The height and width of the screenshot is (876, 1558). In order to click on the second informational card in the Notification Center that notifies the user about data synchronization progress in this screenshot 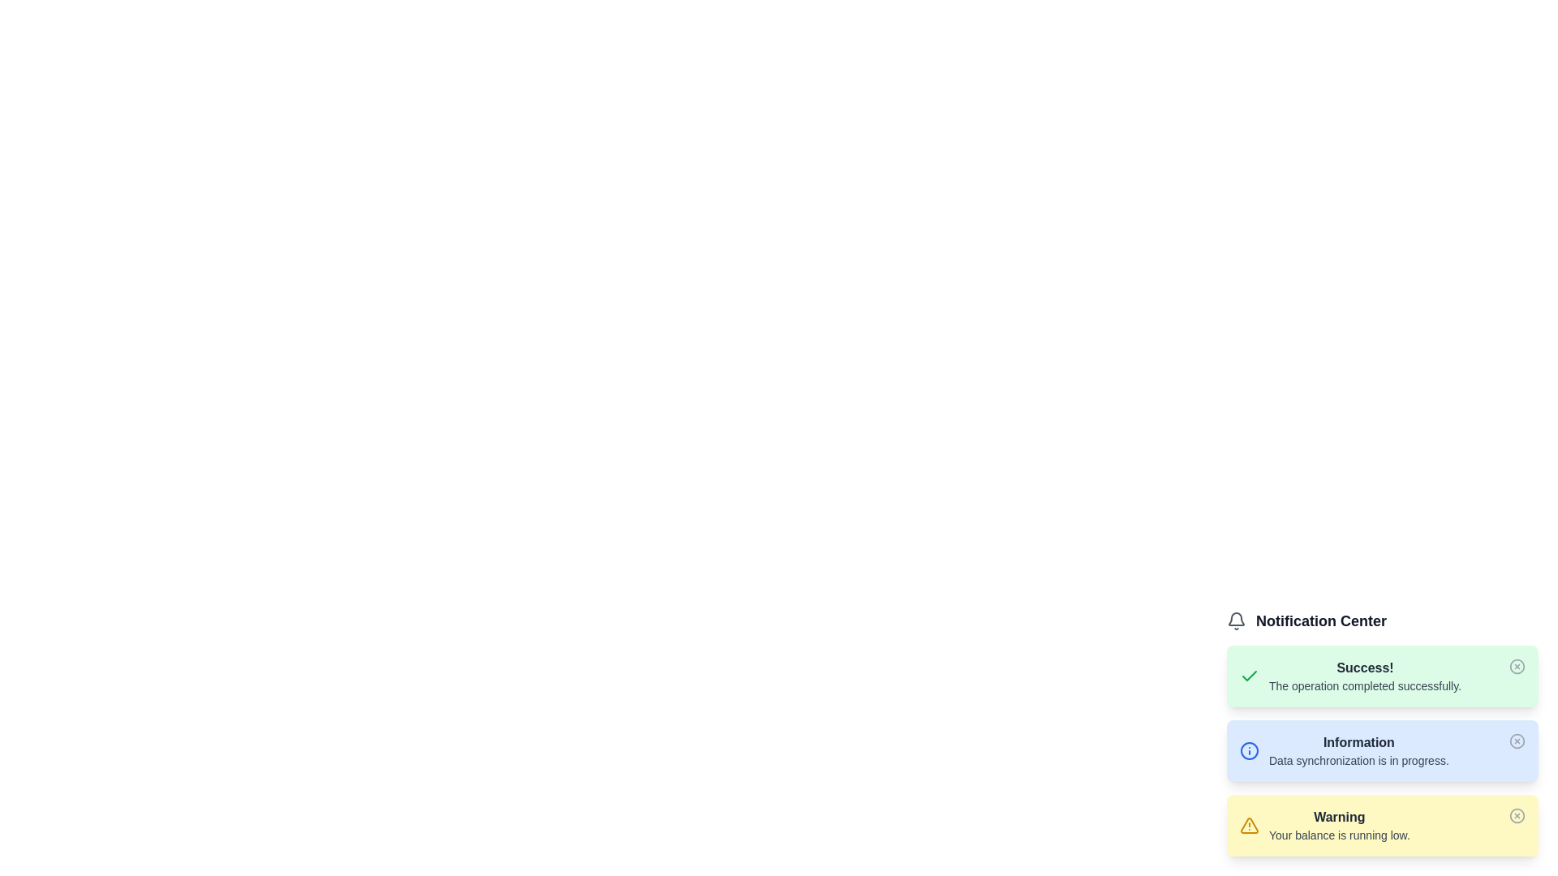, I will do `click(1382, 750)`.